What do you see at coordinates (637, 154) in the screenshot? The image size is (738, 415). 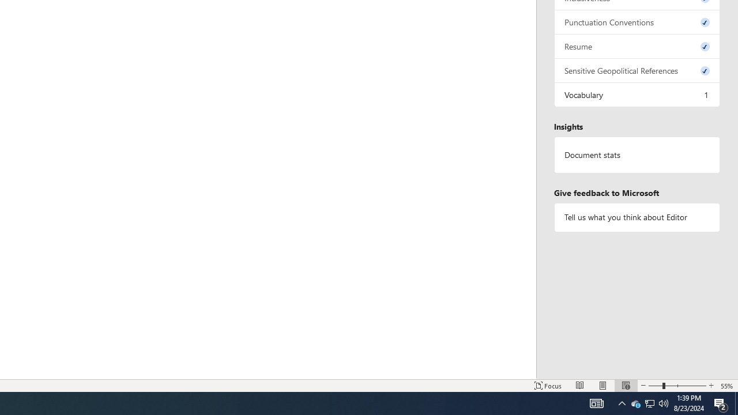 I see `'Document statistics'` at bounding box center [637, 154].